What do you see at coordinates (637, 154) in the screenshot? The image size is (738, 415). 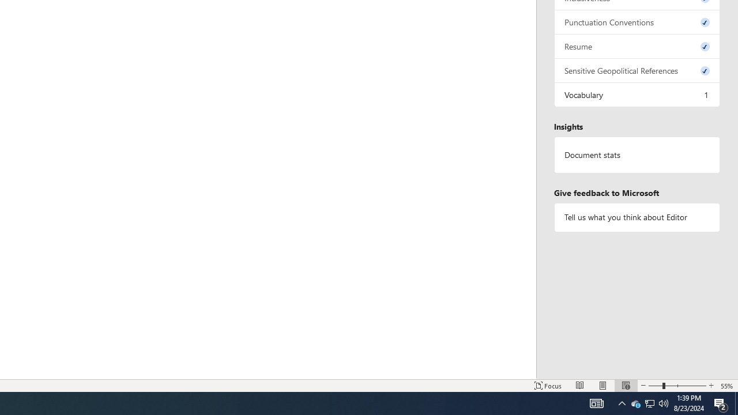 I see `'Document statistics'` at bounding box center [637, 154].